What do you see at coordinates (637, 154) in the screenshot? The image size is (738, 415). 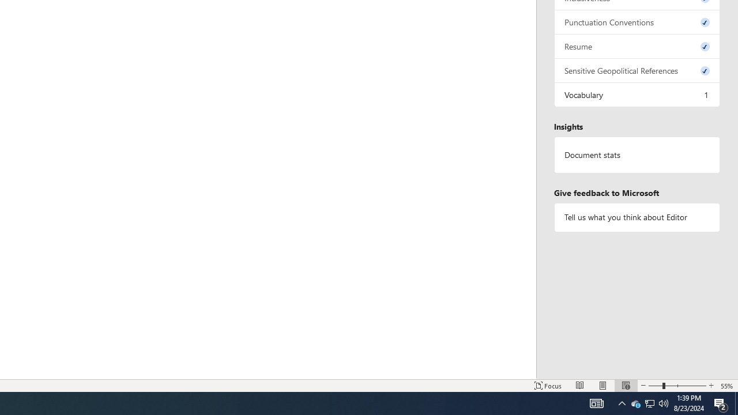 I see `'Document statistics'` at bounding box center [637, 154].